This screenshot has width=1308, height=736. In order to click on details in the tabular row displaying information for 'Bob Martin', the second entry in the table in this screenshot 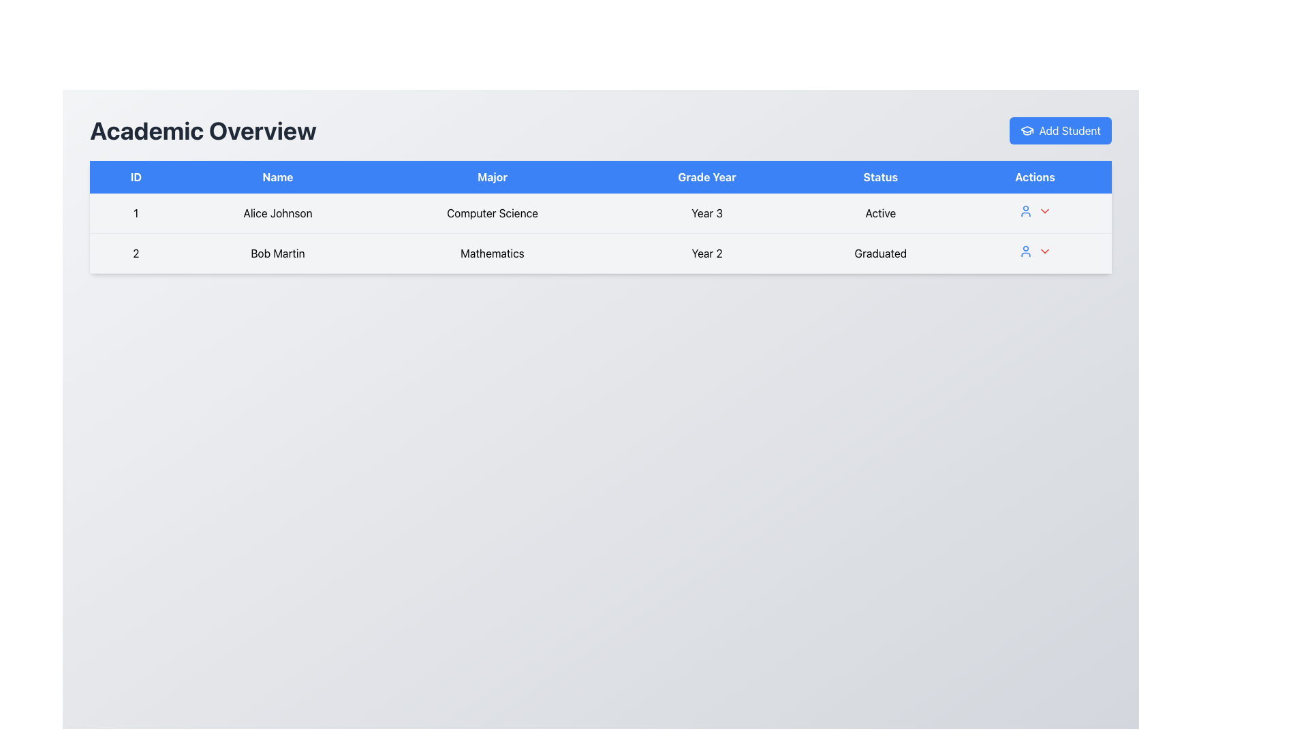, I will do `click(600, 253)`.